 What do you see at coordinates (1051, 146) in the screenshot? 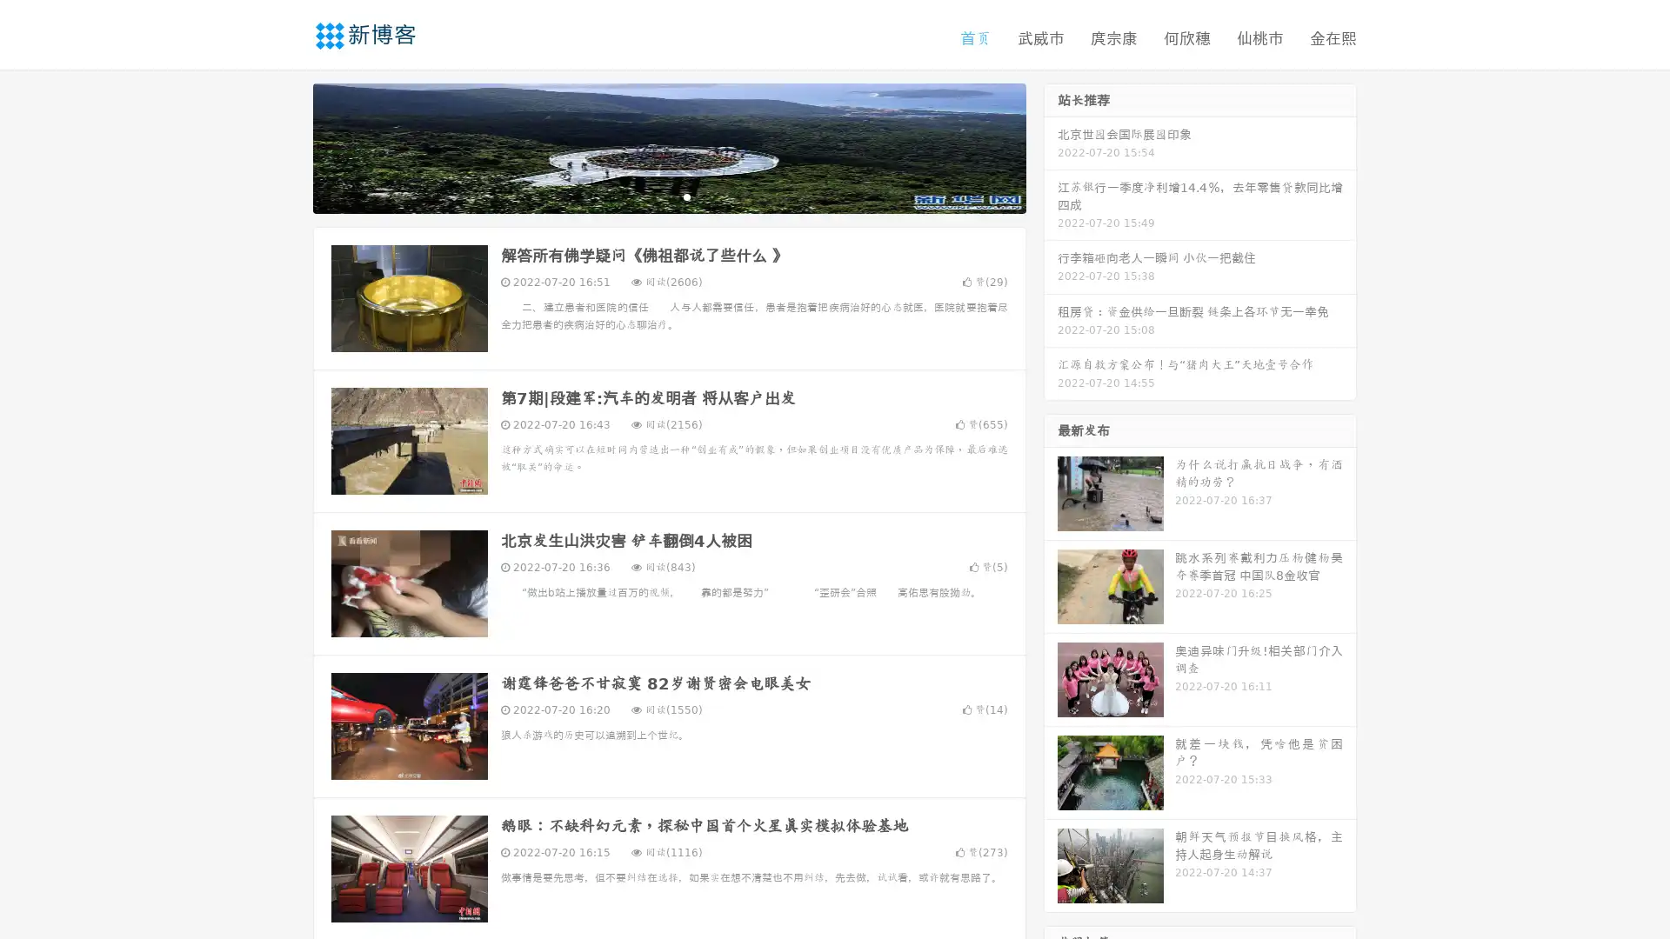
I see `Next slide` at bounding box center [1051, 146].